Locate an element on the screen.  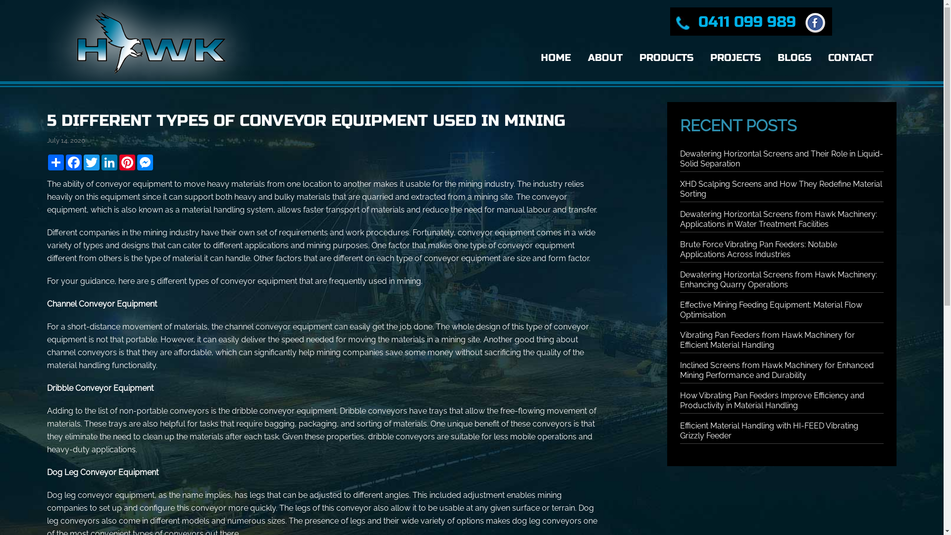
'Twitter' is located at coordinates (92, 161).